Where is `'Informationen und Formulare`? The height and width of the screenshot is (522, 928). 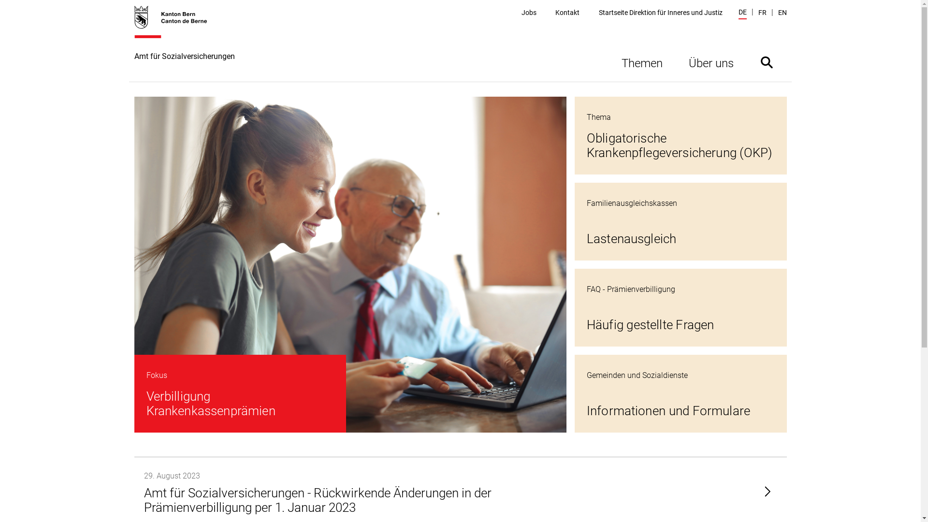
'Informationen und Formulare is located at coordinates (680, 393).